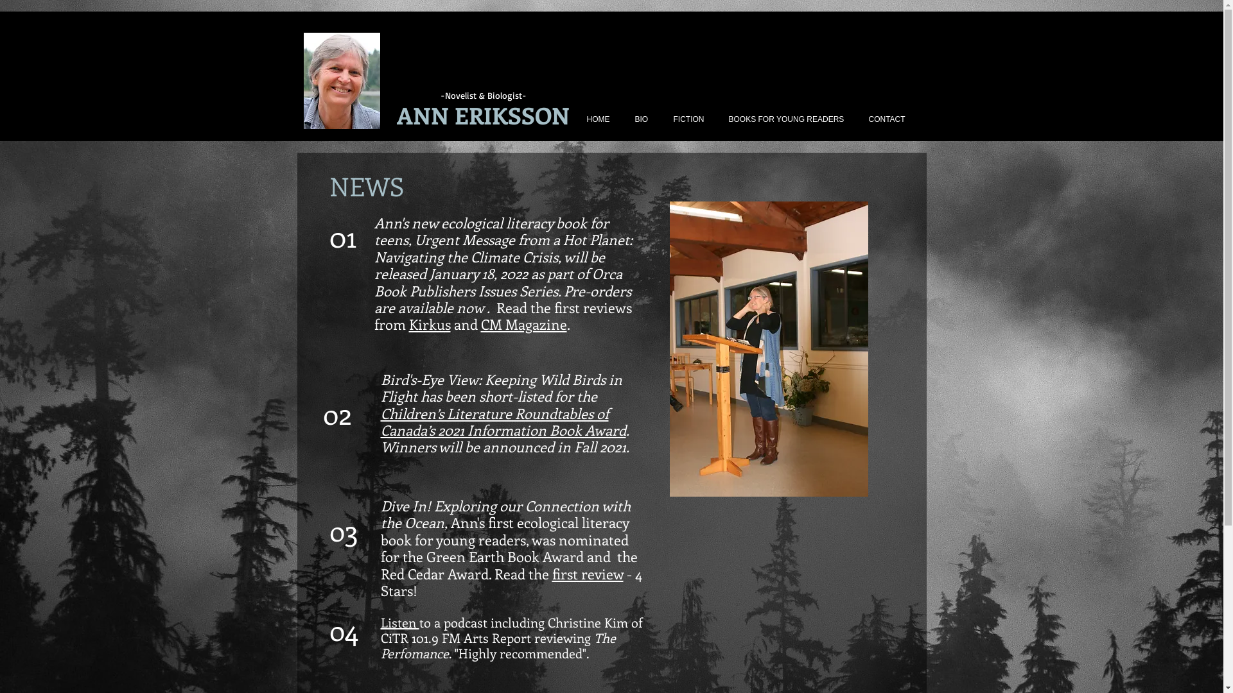  Describe the element at coordinates (482, 114) in the screenshot. I see `'ANN ERIKSSON'` at that location.